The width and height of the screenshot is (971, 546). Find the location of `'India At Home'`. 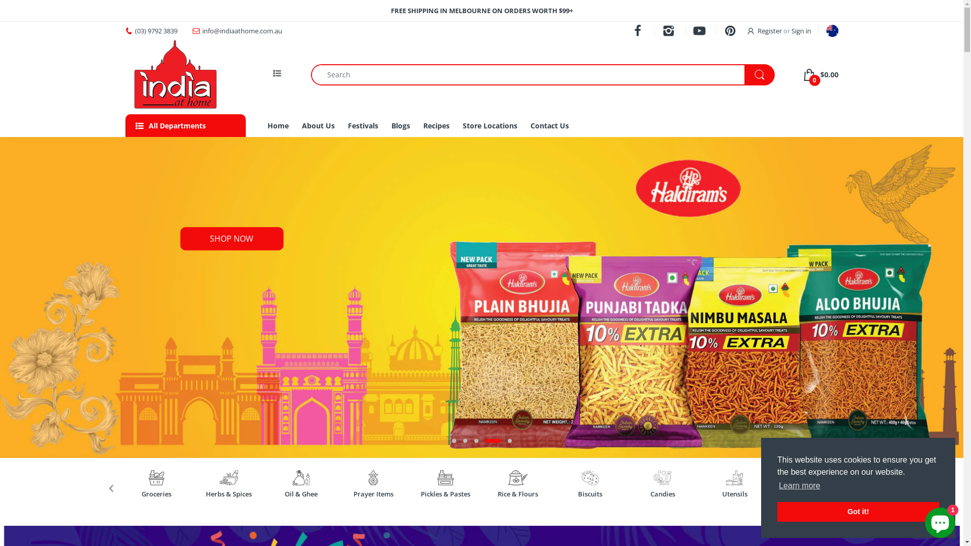

'India At Home' is located at coordinates (176, 74).